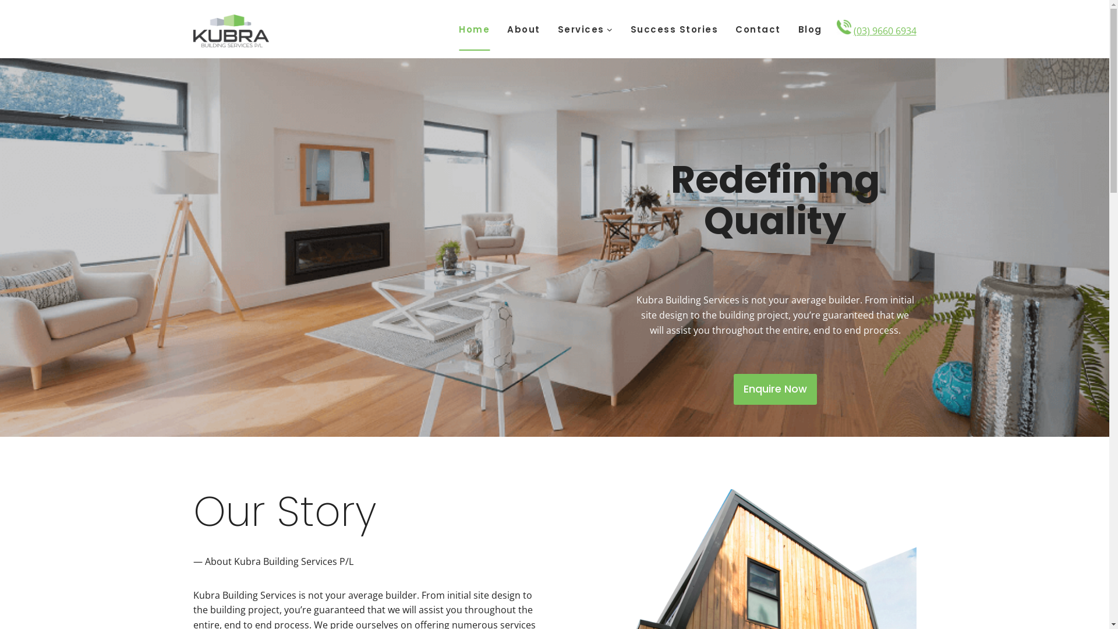  Describe the element at coordinates (585, 29) in the screenshot. I see `'Services'` at that location.